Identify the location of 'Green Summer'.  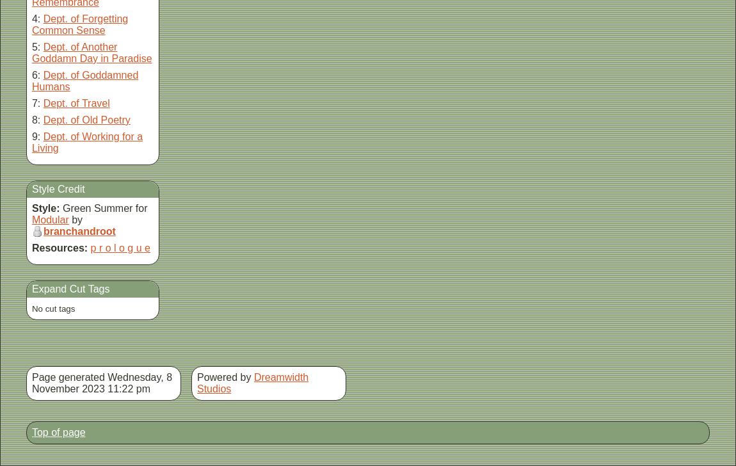
(97, 208).